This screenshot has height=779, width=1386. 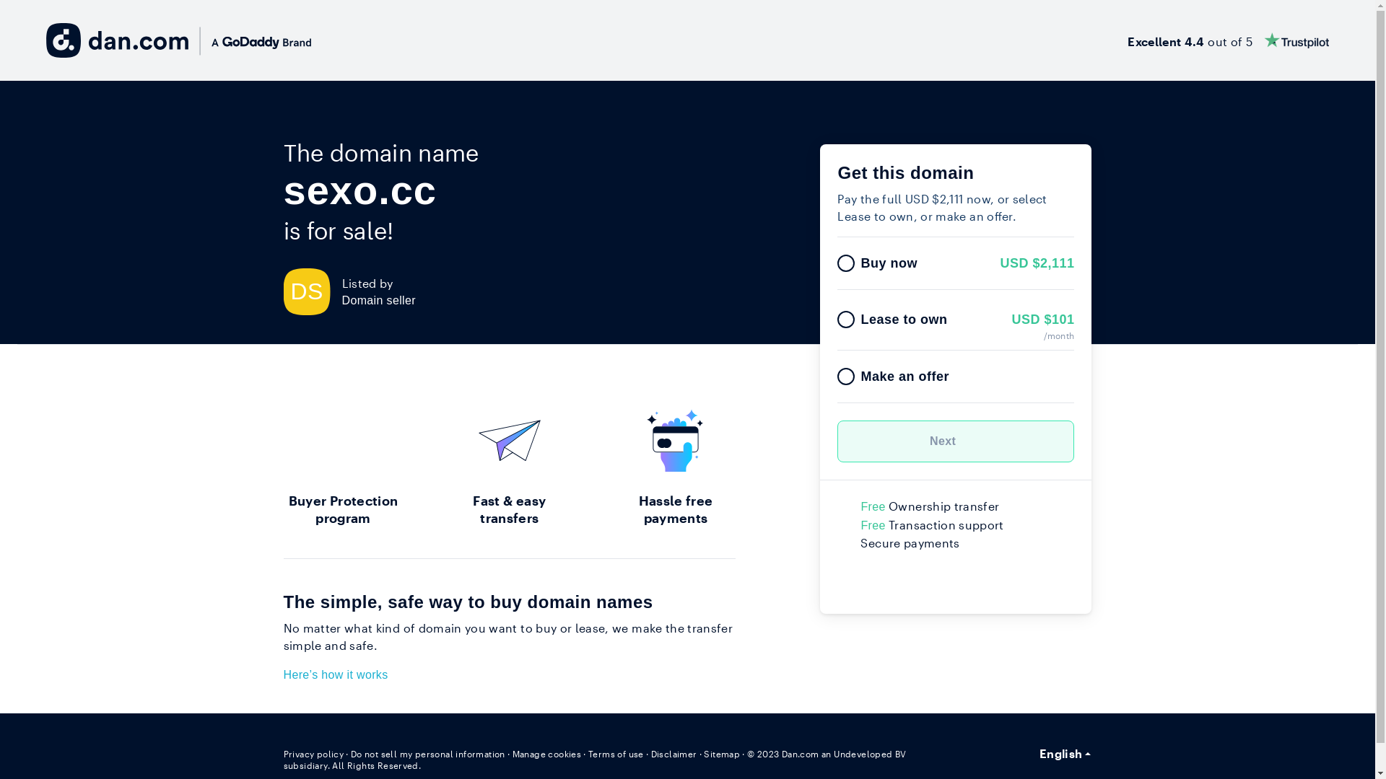 What do you see at coordinates (312, 753) in the screenshot?
I see `'Privacy policy'` at bounding box center [312, 753].